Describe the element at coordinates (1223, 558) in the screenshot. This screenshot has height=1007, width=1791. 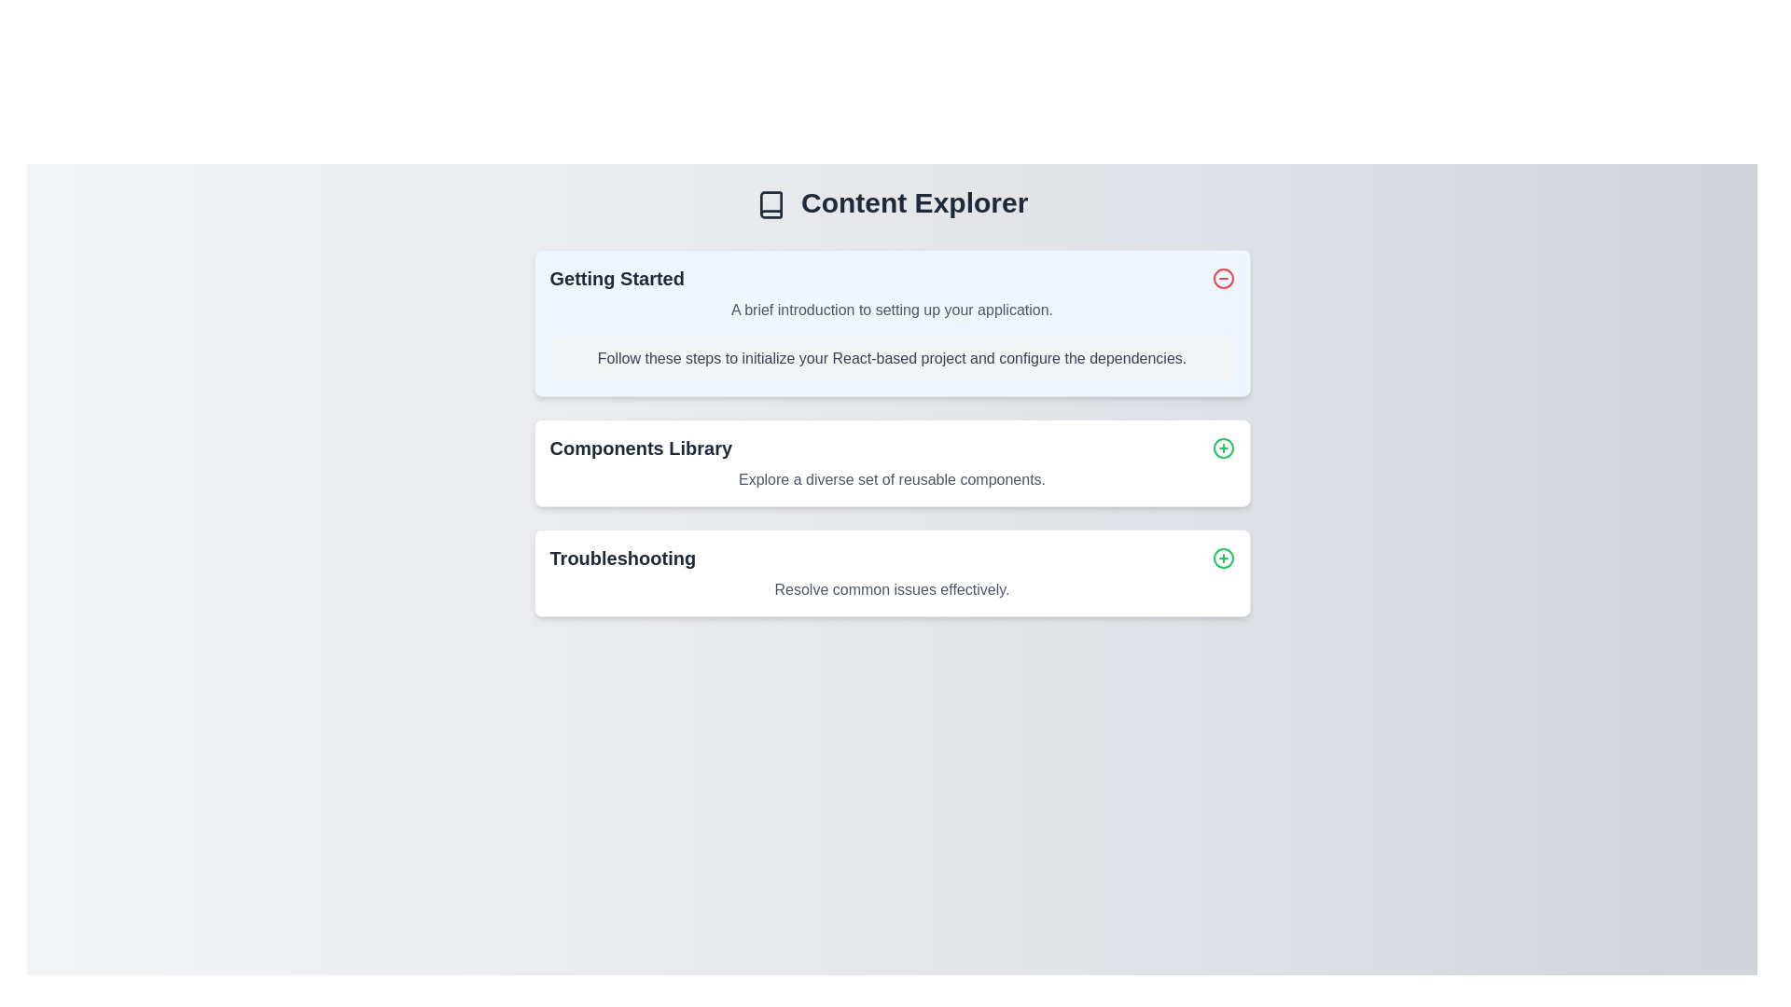
I see `the 'Troubleshooting' icon located at the right end of the 'Troubleshooting' section for additional information` at that location.